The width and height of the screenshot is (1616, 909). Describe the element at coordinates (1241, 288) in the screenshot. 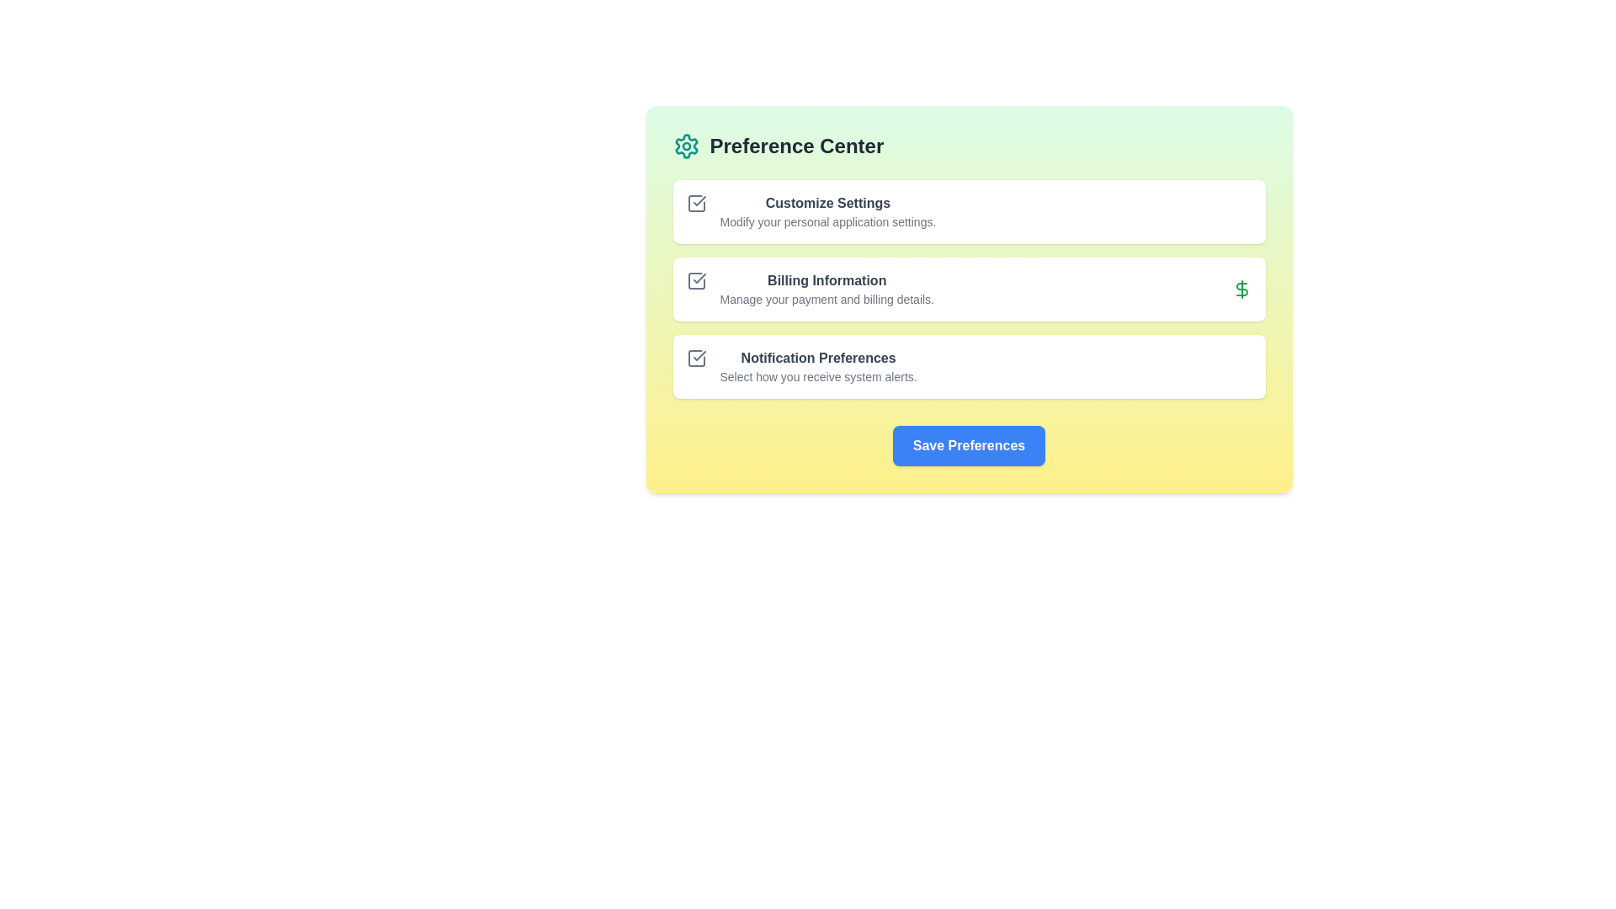

I see `the green dollar sign icon styled with SVG located in the 'Billing Information' section of the 'Preference Center', positioned to the far-right side of the 'Billing Information' card` at that location.